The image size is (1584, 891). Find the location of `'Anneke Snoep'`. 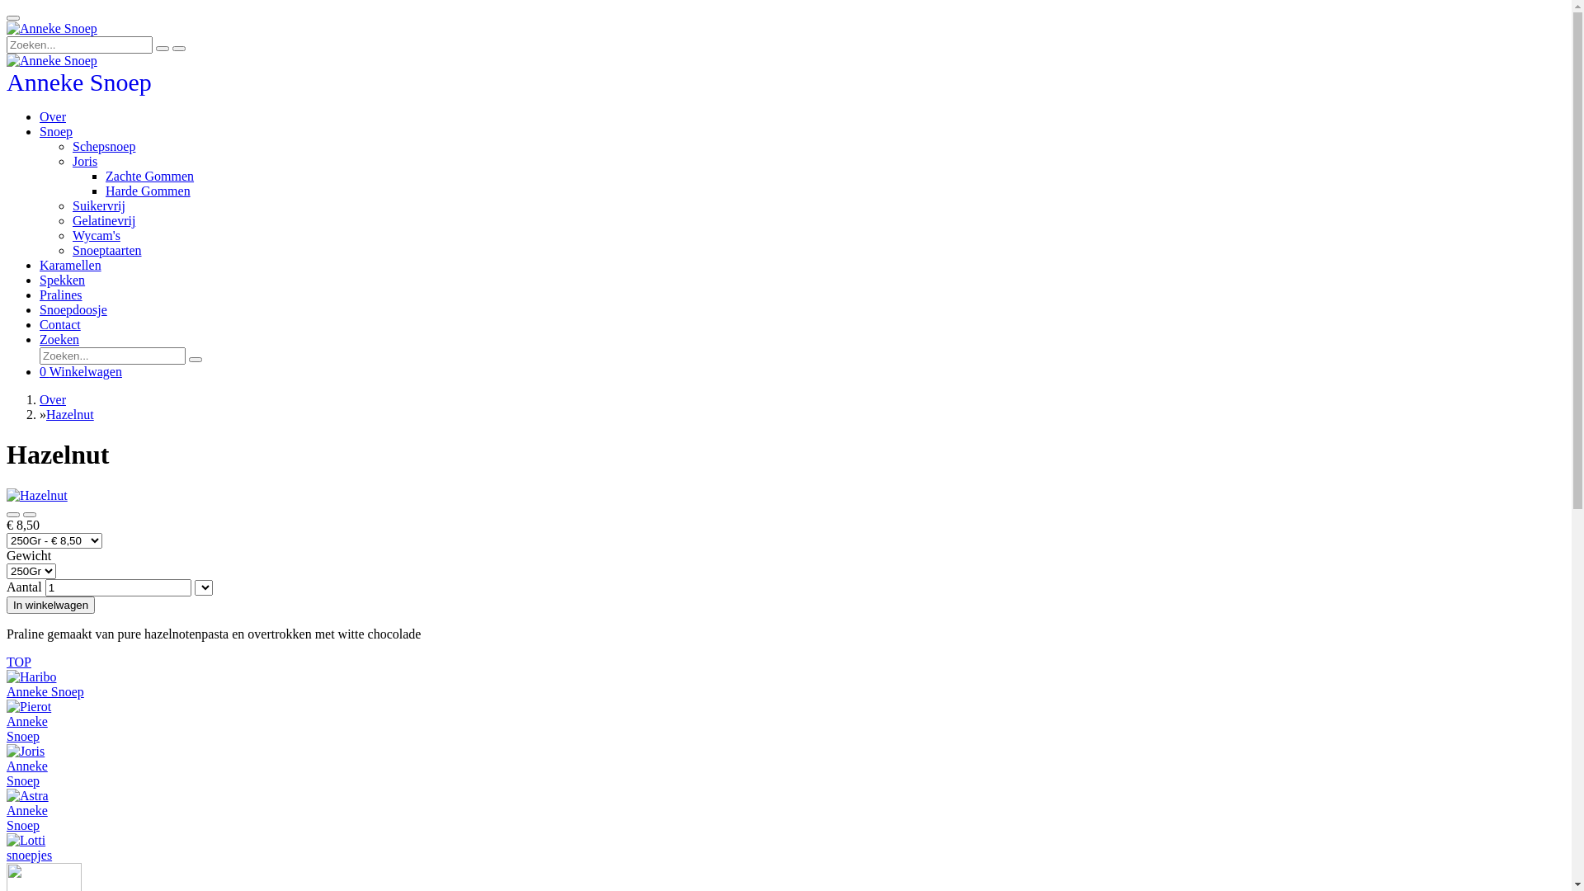

'Anneke Snoep' is located at coordinates (7, 86).